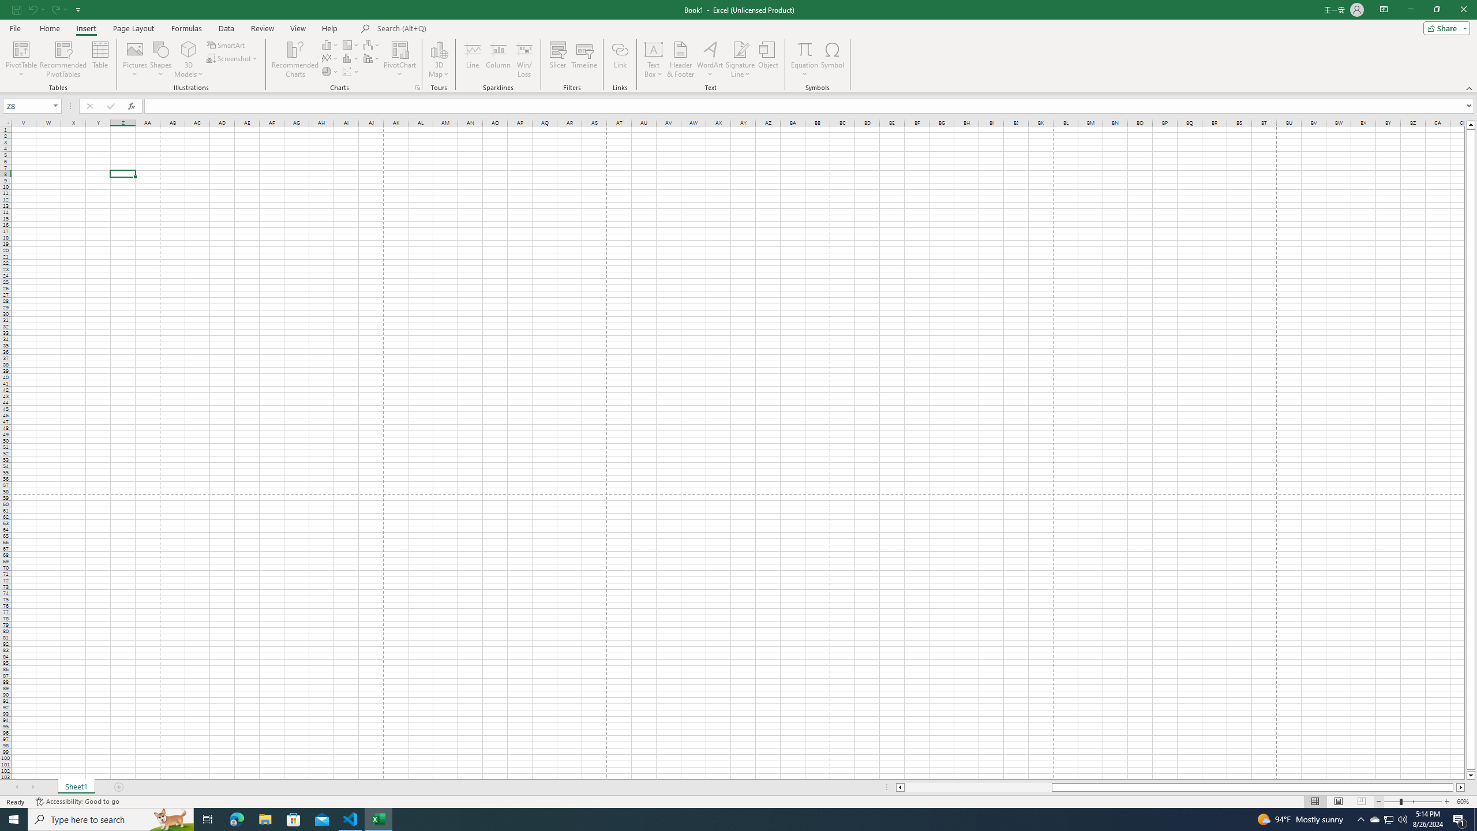 This screenshot has width=1477, height=831. Describe the element at coordinates (620, 59) in the screenshot. I see `'Link'` at that location.